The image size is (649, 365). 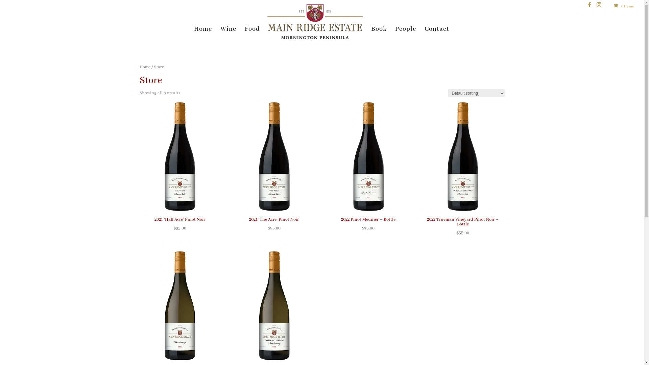 What do you see at coordinates (379, 34) in the screenshot?
I see `'Book'` at bounding box center [379, 34].